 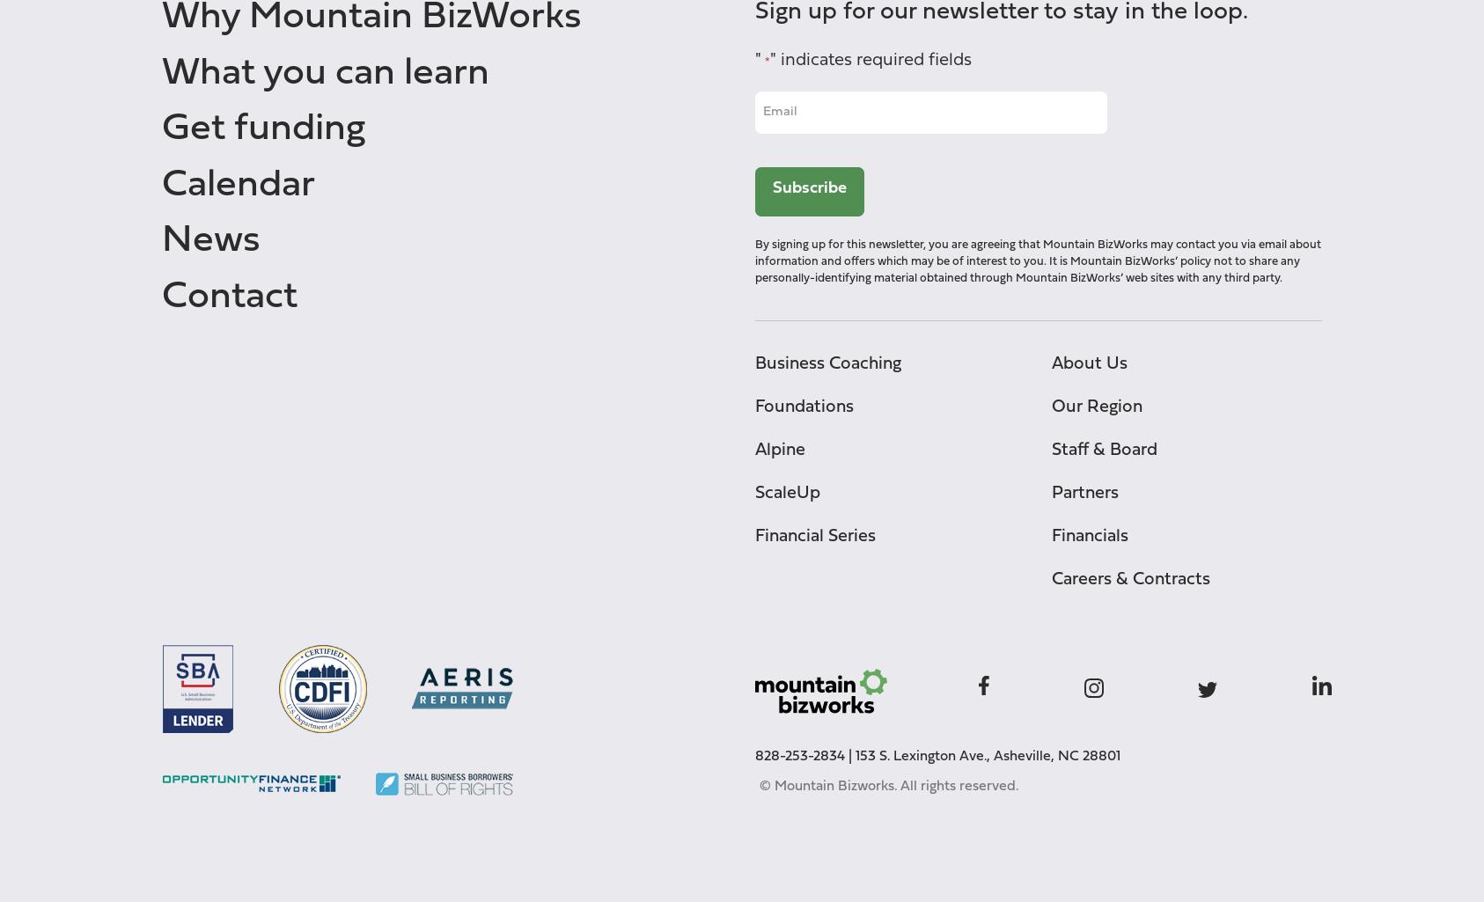 I want to click on '" indicates required fields', so click(x=871, y=58).